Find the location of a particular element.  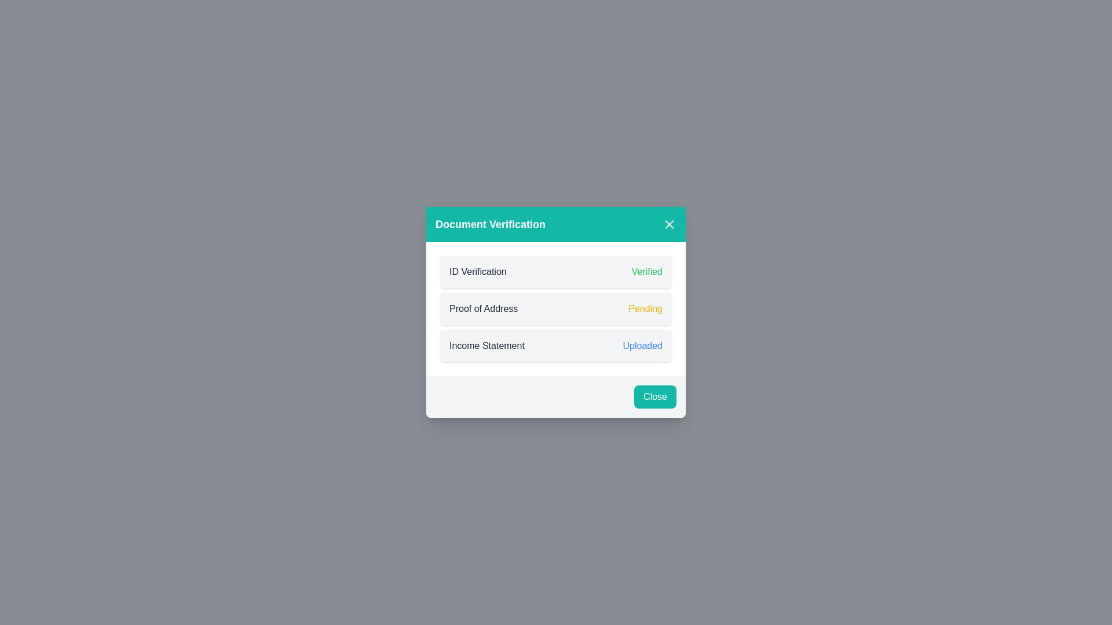

the close button located in the footer of the 'Document Verification' modal is located at coordinates (655, 396).